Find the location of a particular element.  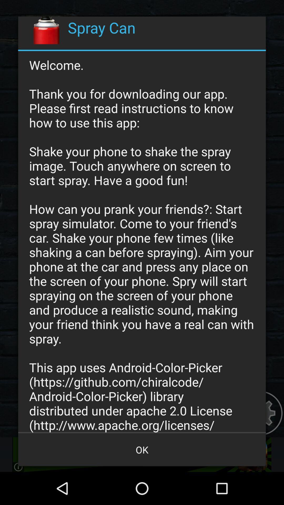

button at the bottom is located at coordinates (142, 449).